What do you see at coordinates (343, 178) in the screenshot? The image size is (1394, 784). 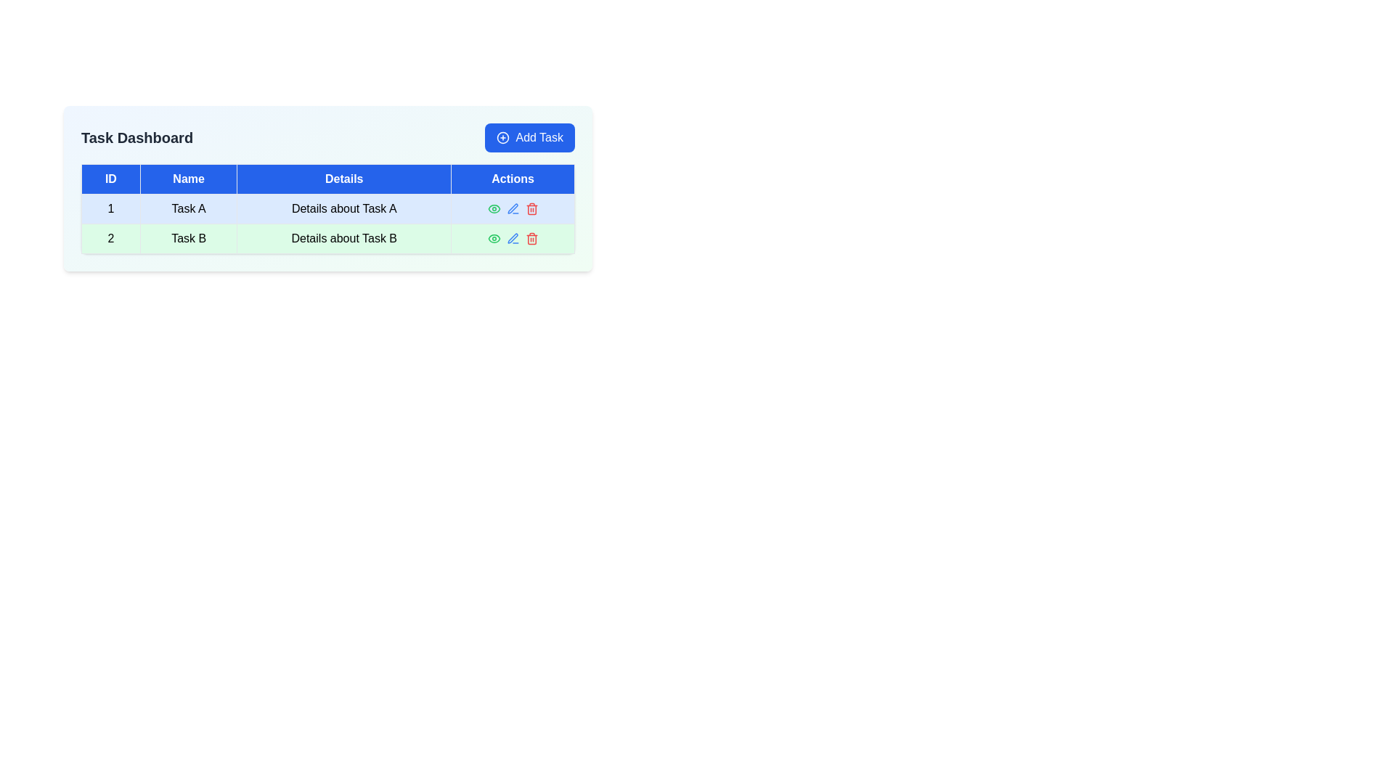 I see `the Table header cell that labels the 'Details' column, positioned between 'Name' and 'Actions'` at bounding box center [343, 178].